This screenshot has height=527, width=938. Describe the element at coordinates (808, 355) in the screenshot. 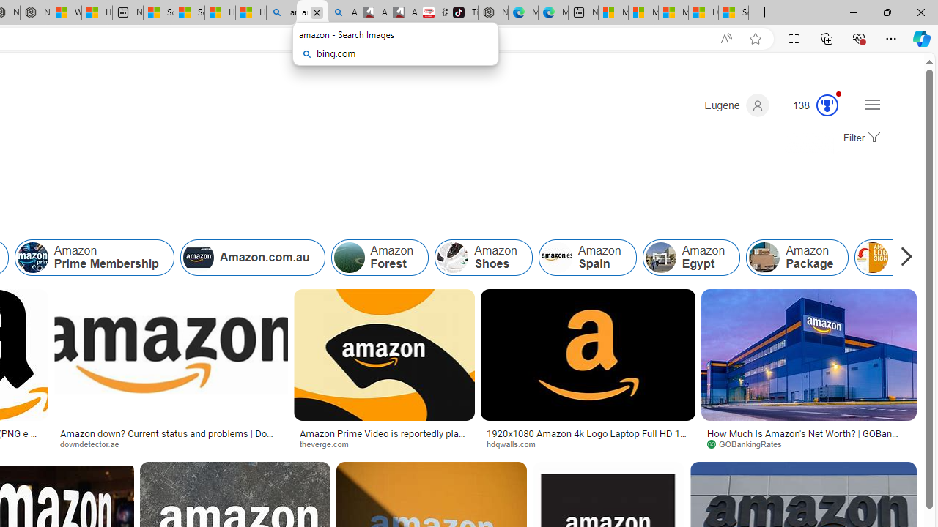

I see `'Image result for amazon'` at that location.